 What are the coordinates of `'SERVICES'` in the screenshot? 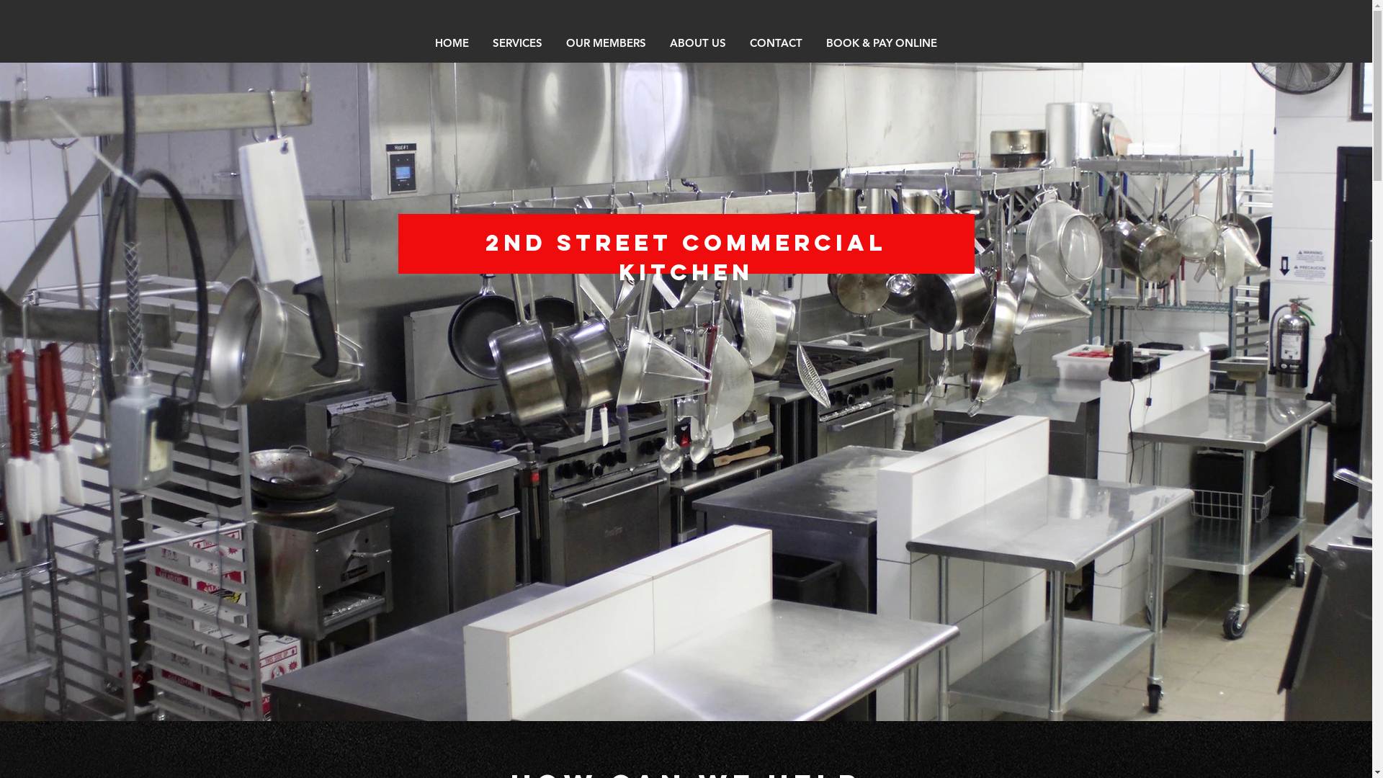 It's located at (518, 43).